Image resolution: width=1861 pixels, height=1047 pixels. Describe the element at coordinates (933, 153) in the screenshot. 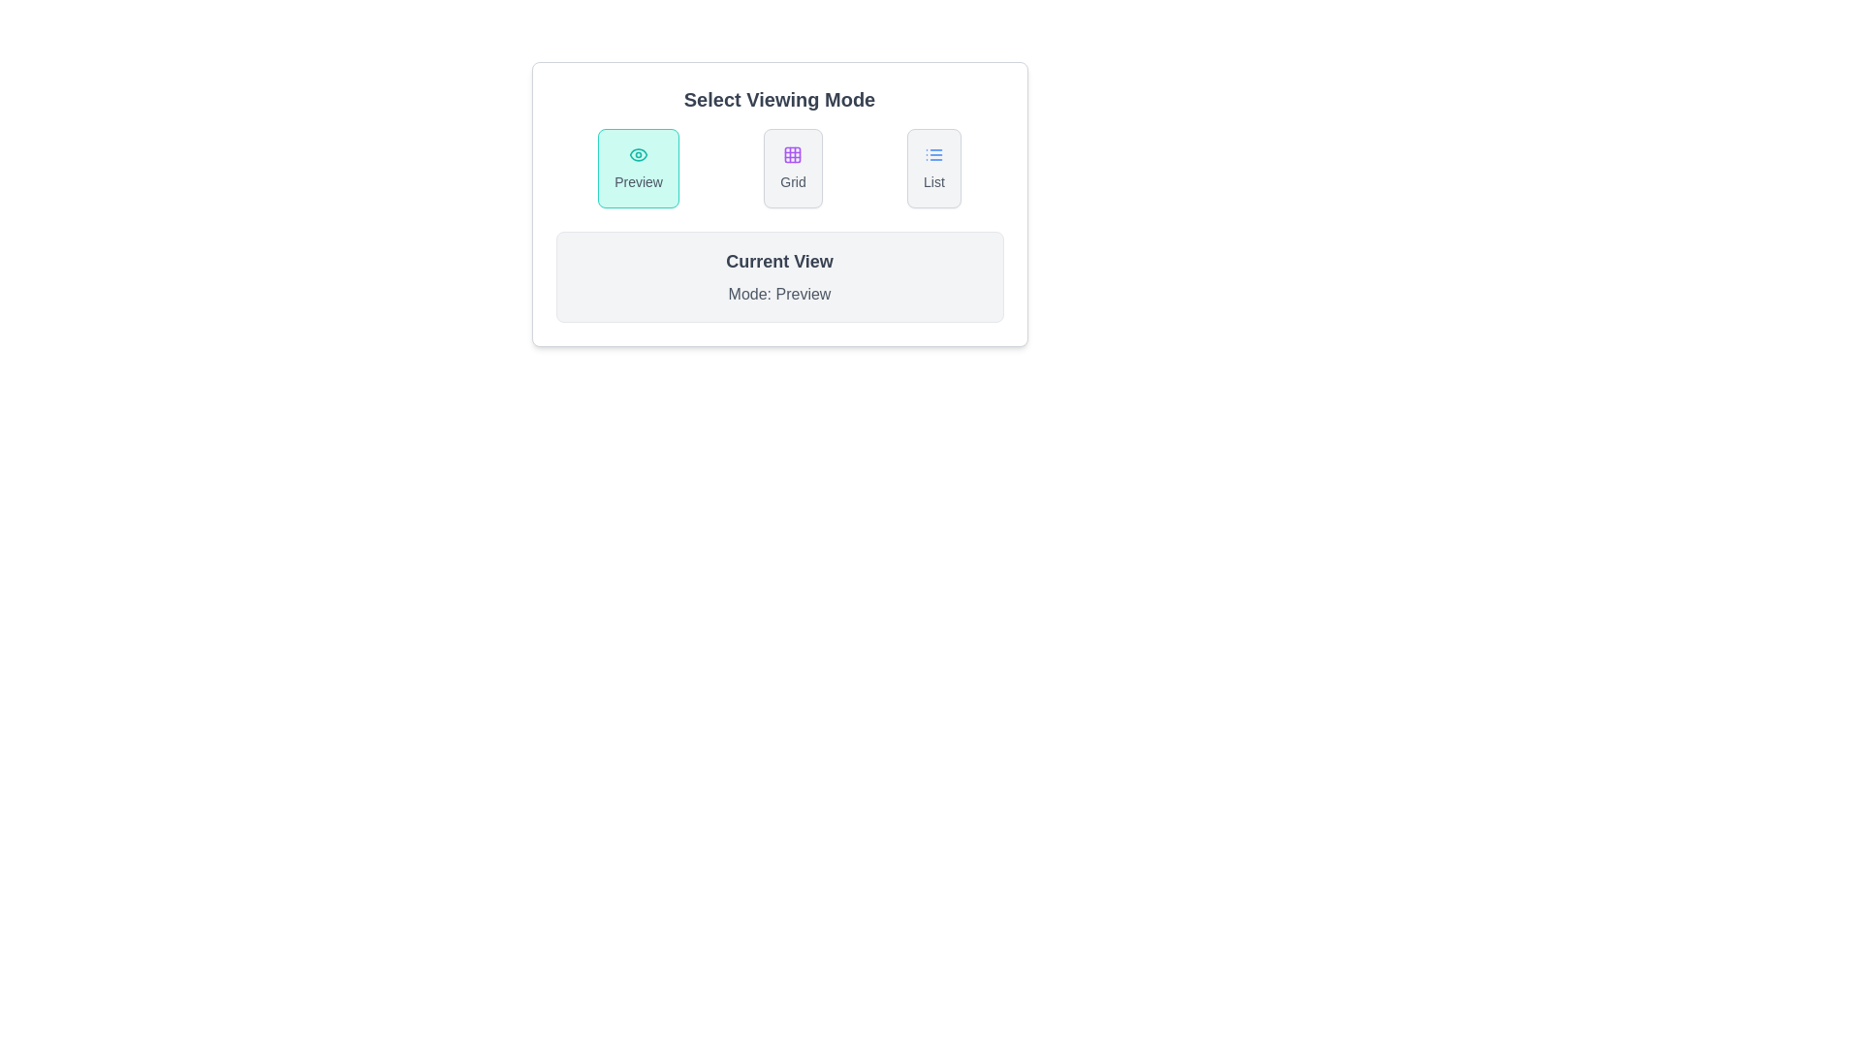

I see `the 'List' view icon located in the 'Select Viewing Mode' section, which is the third button to the right of the 'Grid' button` at that location.